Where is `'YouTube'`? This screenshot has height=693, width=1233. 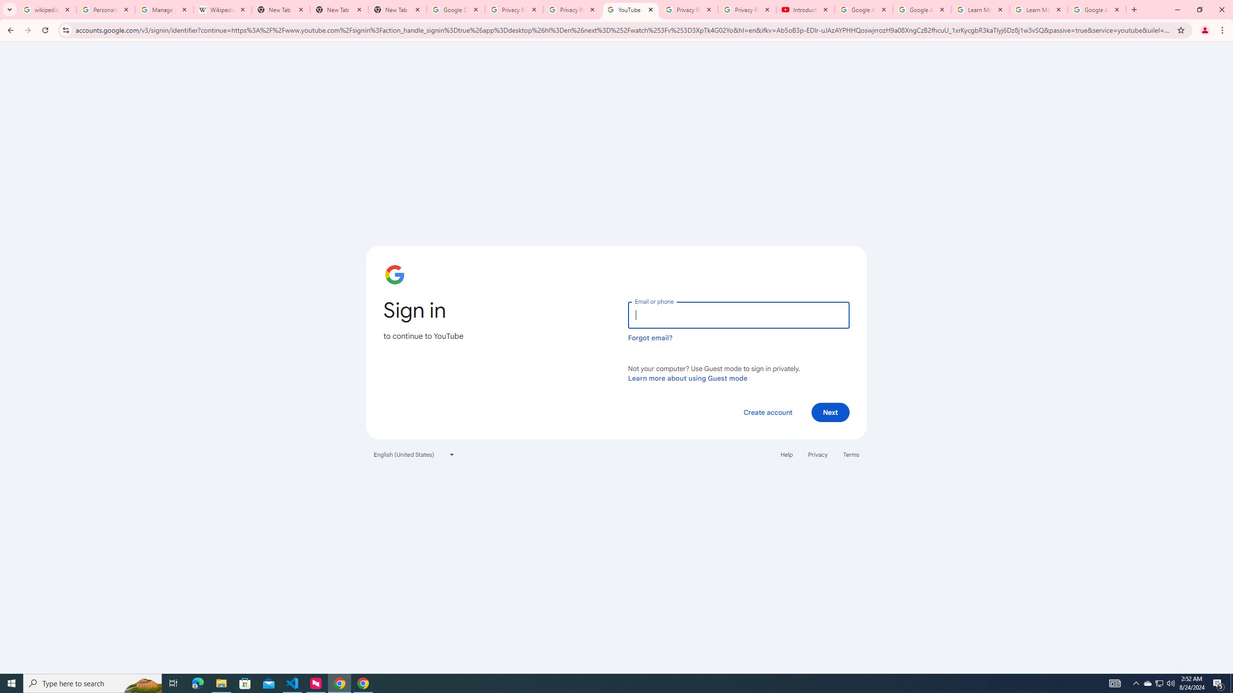
'YouTube' is located at coordinates (630, 9).